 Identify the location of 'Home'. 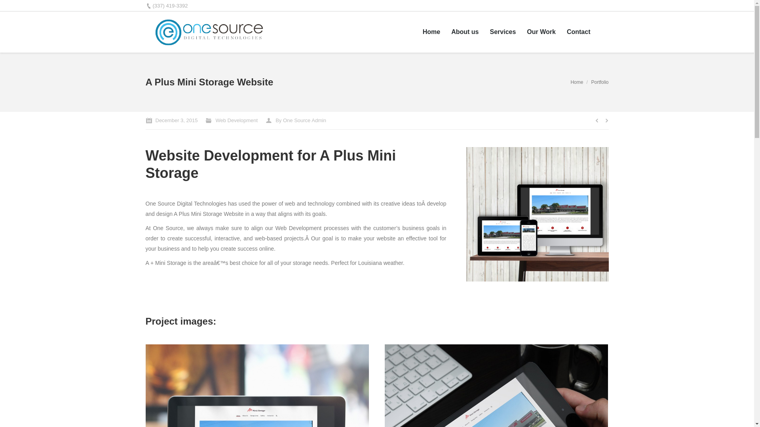
(577, 82).